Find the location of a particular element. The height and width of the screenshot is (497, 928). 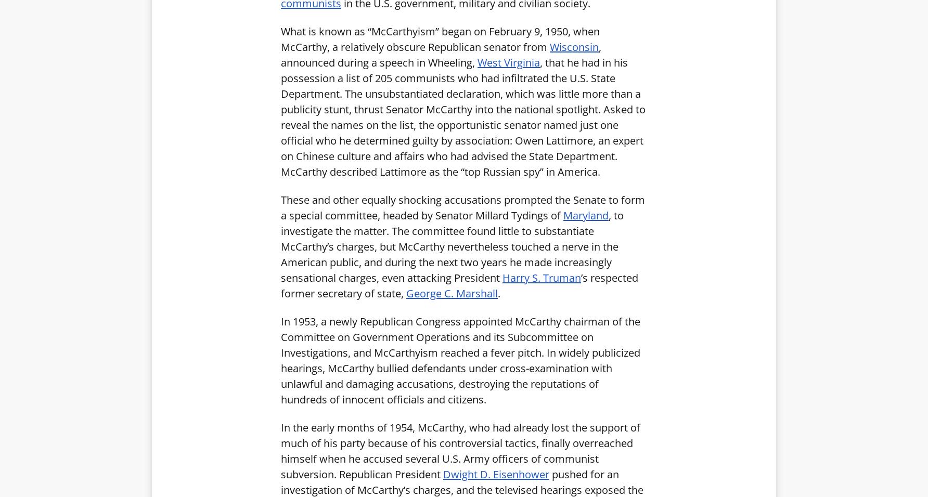

'In the early months of 1954, McCarthy, who had already lost the support of much of his party because of his controversial tactics, finally overreached himself when he accused several U.S. Army officers of communist subversion. Republican President' is located at coordinates (460, 450).